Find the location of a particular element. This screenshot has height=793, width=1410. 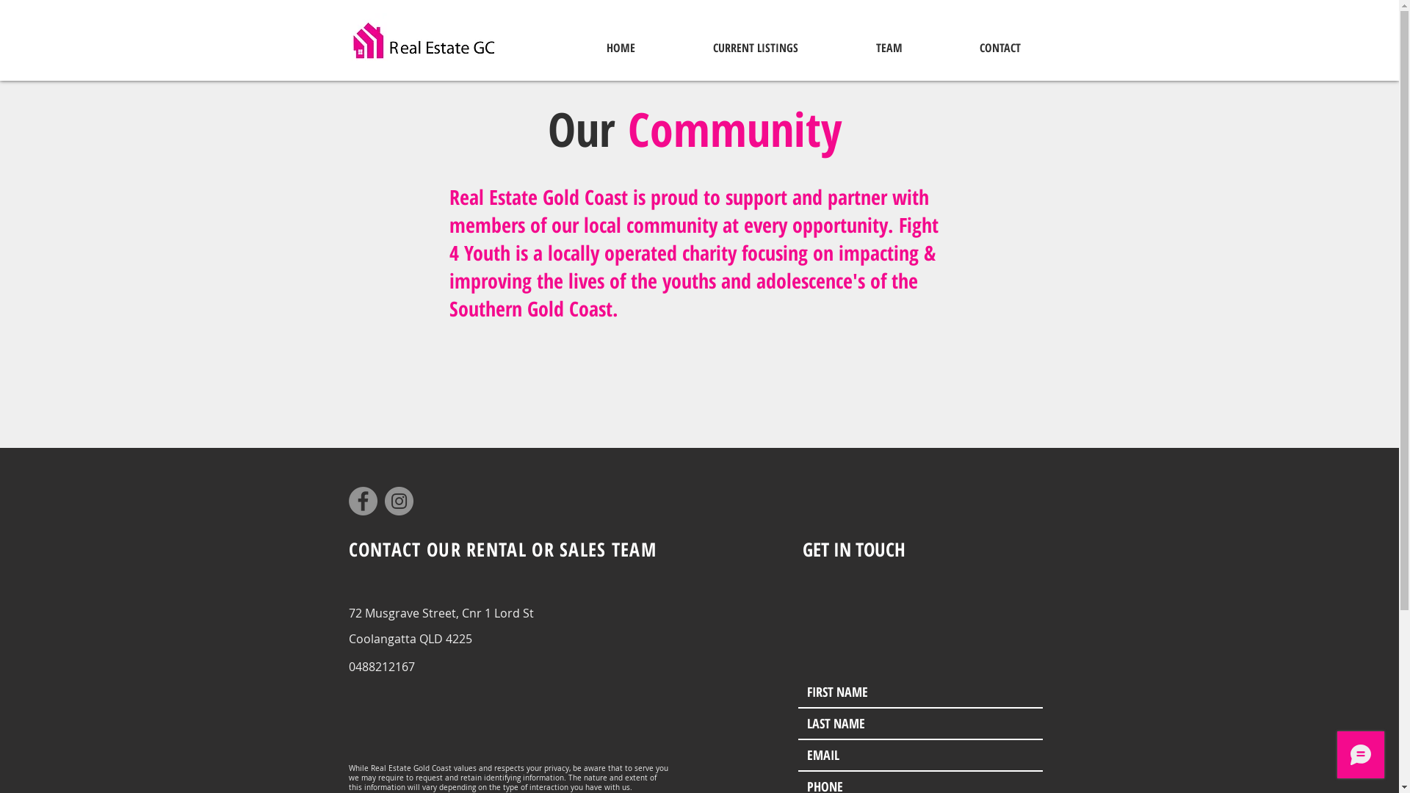

'HOME' is located at coordinates (620, 47).